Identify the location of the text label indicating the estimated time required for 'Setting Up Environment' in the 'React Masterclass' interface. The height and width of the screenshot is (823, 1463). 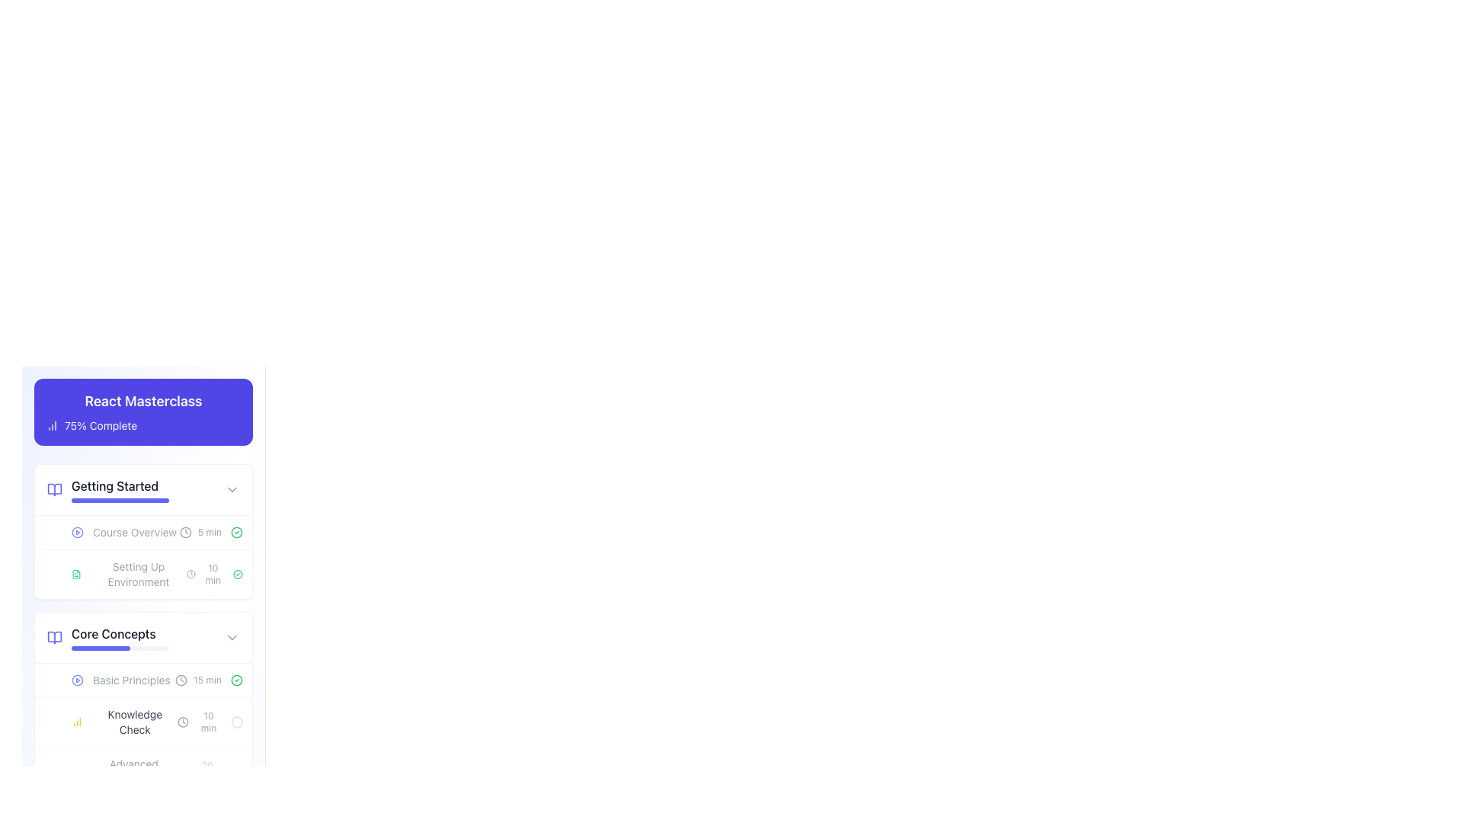
(204, 574).